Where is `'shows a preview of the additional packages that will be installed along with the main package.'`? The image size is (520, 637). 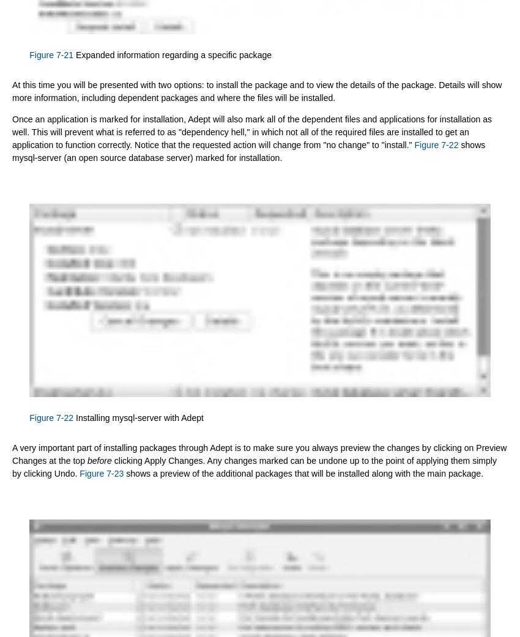 'shows a preview of the additional packages that will be installed along with the main package.' is located at coordinates (303, 473).